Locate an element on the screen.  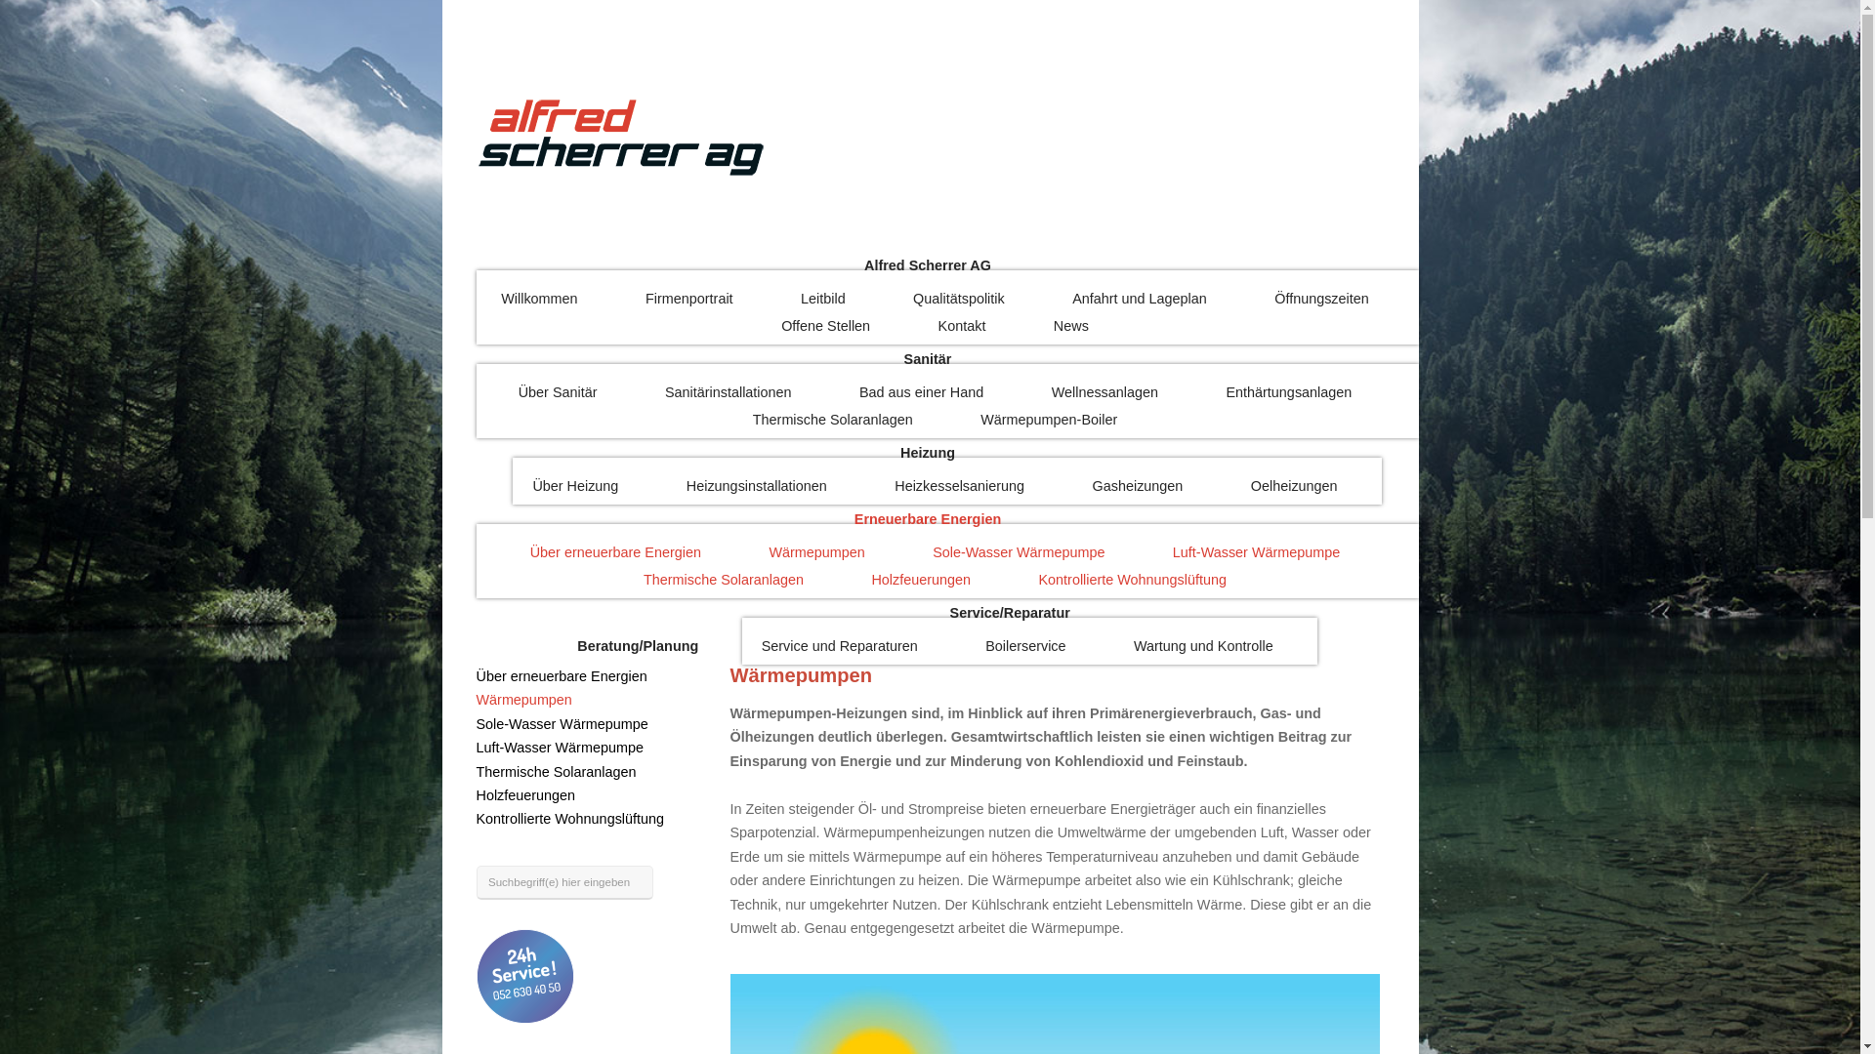
'Boilerservice' is located at coordinates (1024, 651).